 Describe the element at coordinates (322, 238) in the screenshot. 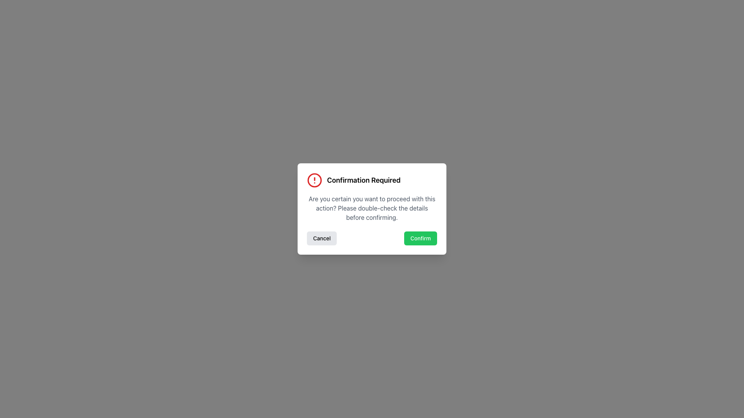

I see `the 'Cancel' button, which is a rectangular button with a light gray background and the text 'Cancel' in black, located in the bottom-left portion of a dialog box` at that location.